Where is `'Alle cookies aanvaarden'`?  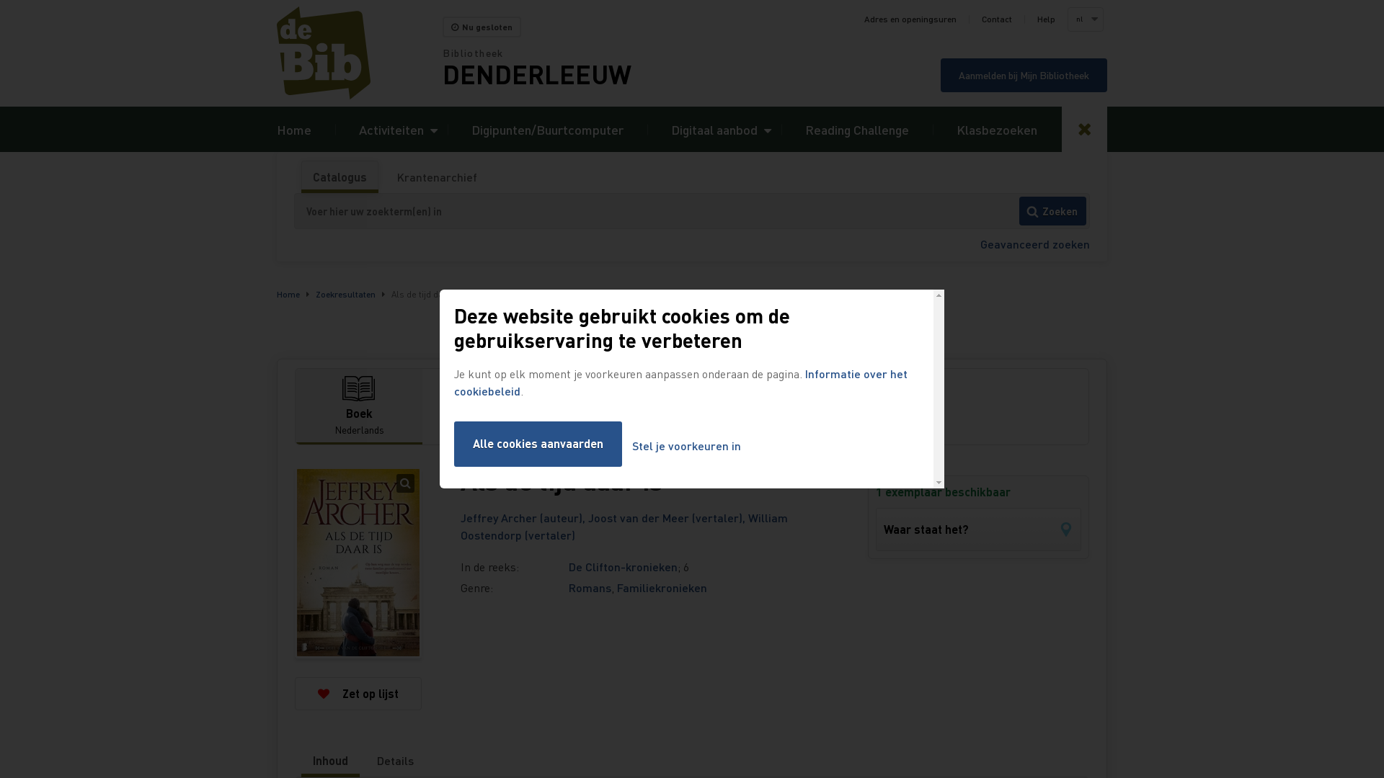
'Alle cookies aanvaarden' is located at coordinates (537, 443).